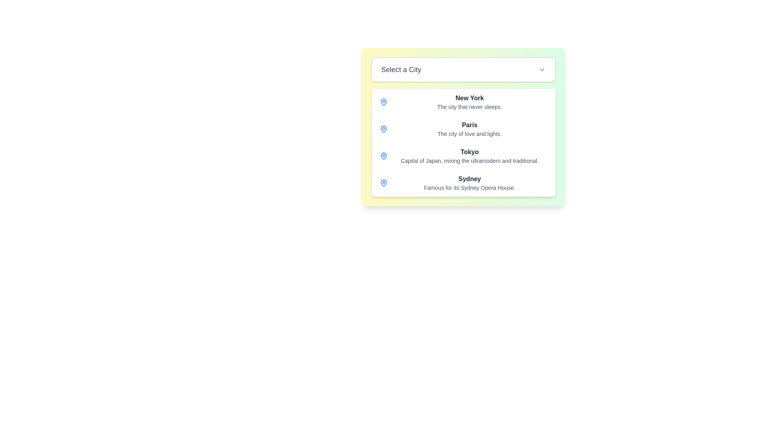  What do you see at coordinates (383, 183) in the screenshot?
I see `the location marker icon for the fourth row item 'Sydney' in the dropdown menu to possibly reveal additional information` at bounding box center [383, 183].